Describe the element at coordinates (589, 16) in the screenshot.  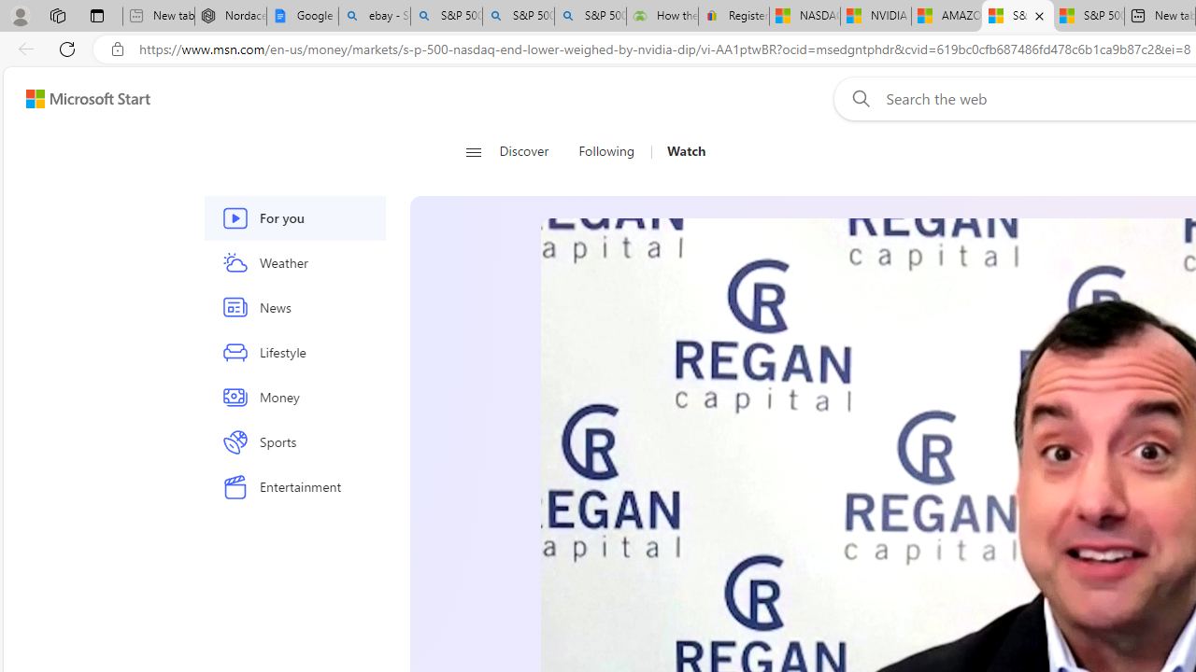
I see `'S&P 500 index financial crisis decline - Search'` at that location.